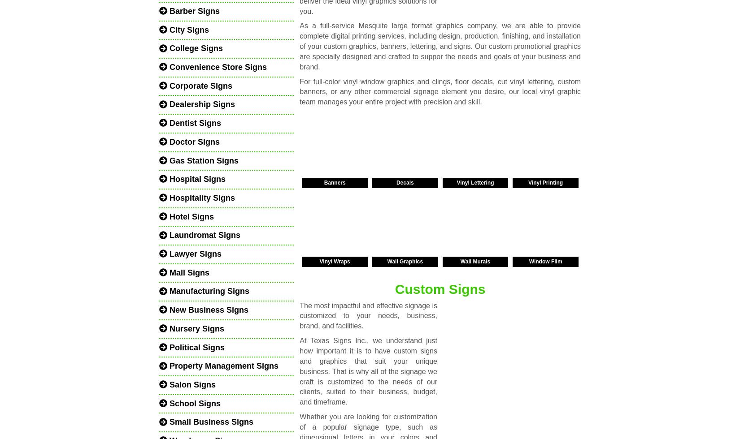 This screenshot has width=740, height=439. What do you see at coordinates (199, 86) in the screenshot?
I see `'Corporate Signs'` at bounding box center [199, 86].